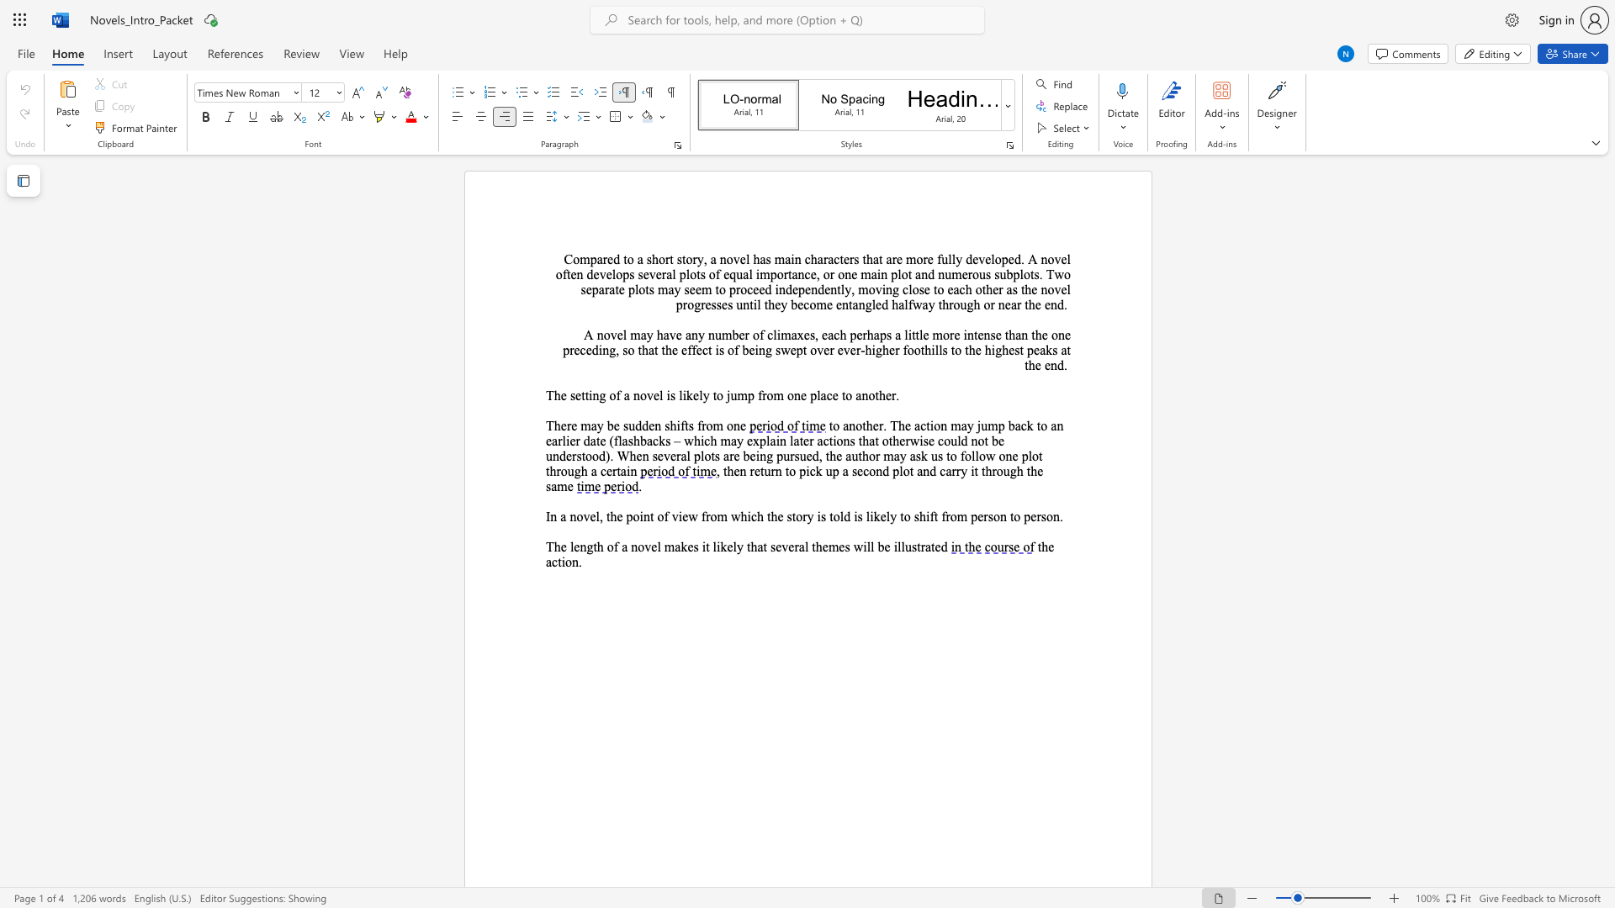 This screenshot has width=1615, height=908. What do you see at coordinates (832, 471) in the screenshot?
I see `the subset text "p a sec" within the text ", then return to pick up a second plot and carry it through the same"` at bounding box center [832, 471].